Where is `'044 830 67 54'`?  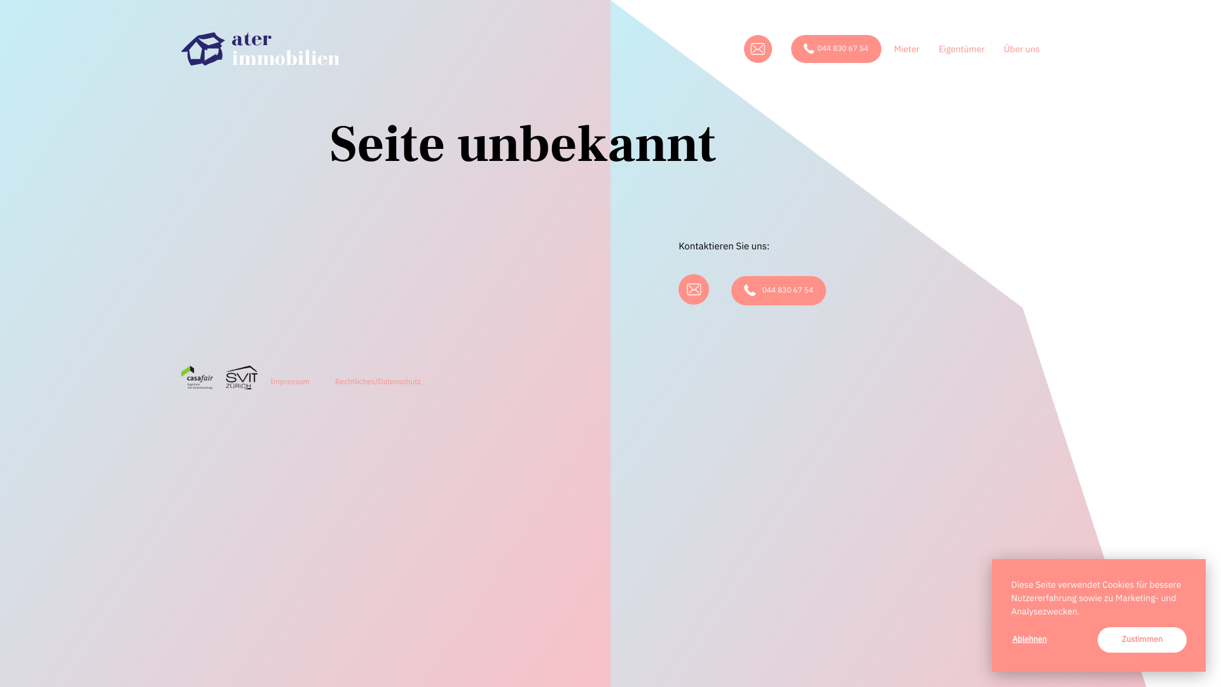
'044 830 67 54' is located at coordinates (790, 48).